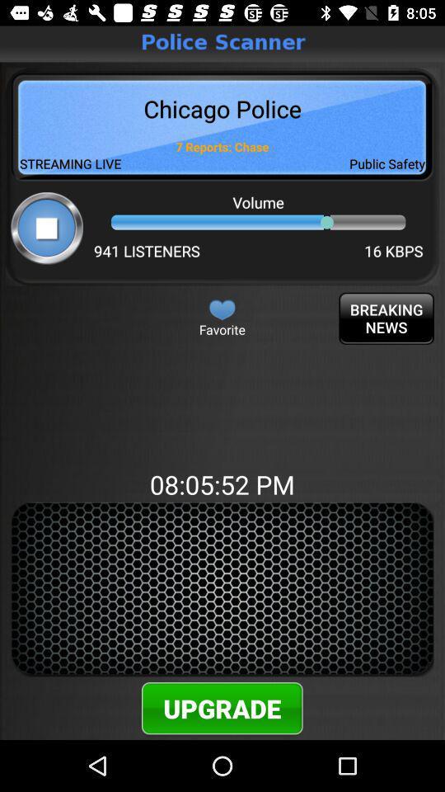 Image resolution: width=445 pixels, height=792 pixels. What do you see at coordinates (222, 309) in the screenshot?
I see `mark station as favorite` at bounding box center [222, 309].